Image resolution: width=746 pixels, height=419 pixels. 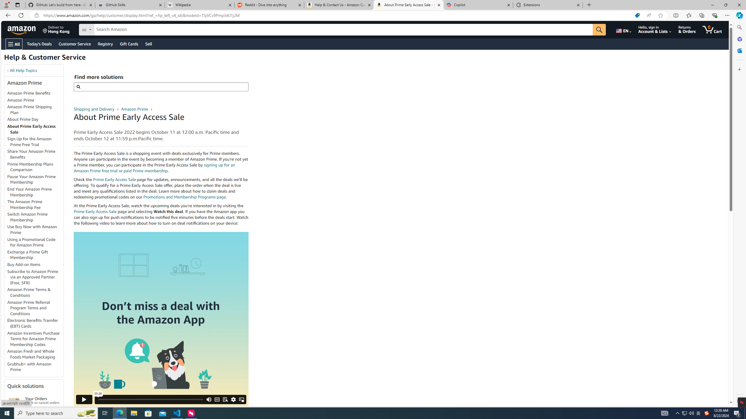 What do you see at coordinates (39, 44) in the screenshot?
I see `'Today'` at bounding box center [39, 44].